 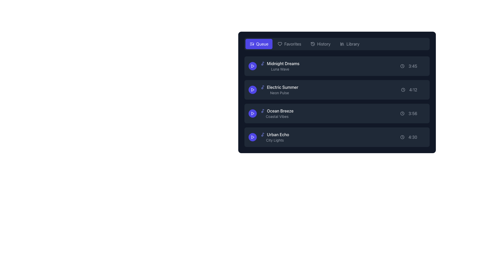 What do you see at coordinates (263, 111) in the screenshot?
I see `the vibrant indigo musical note icon located to the left of the text 'Ocean Breeze' in the third row of the list` at bounding box center [263, 111].